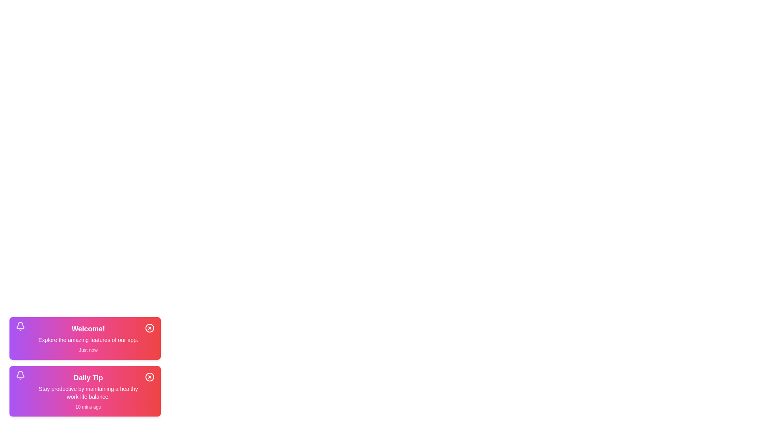  Describe the element at coordinates (85, 391) in the screenshot. I see `the notification titled 'Daily Tip' to read its details` at that location.